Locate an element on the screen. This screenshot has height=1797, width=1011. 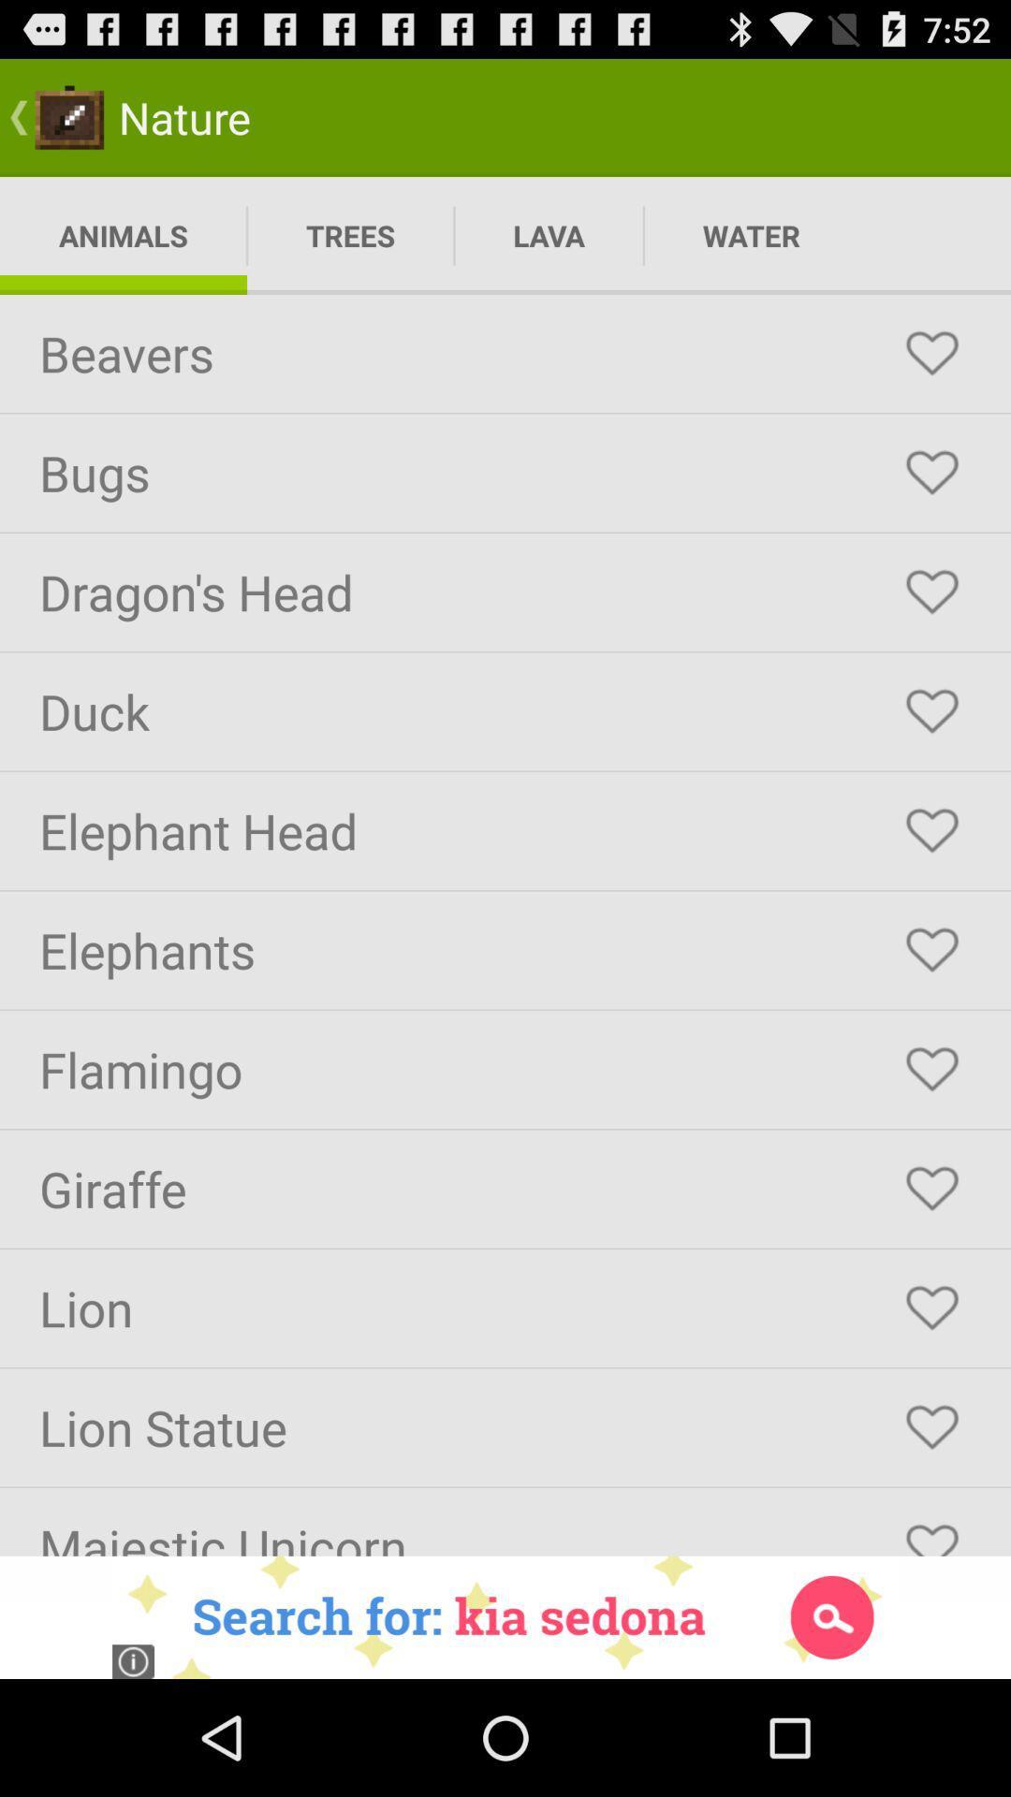
giraffe to favorites is located at coordinates (931, 1188).